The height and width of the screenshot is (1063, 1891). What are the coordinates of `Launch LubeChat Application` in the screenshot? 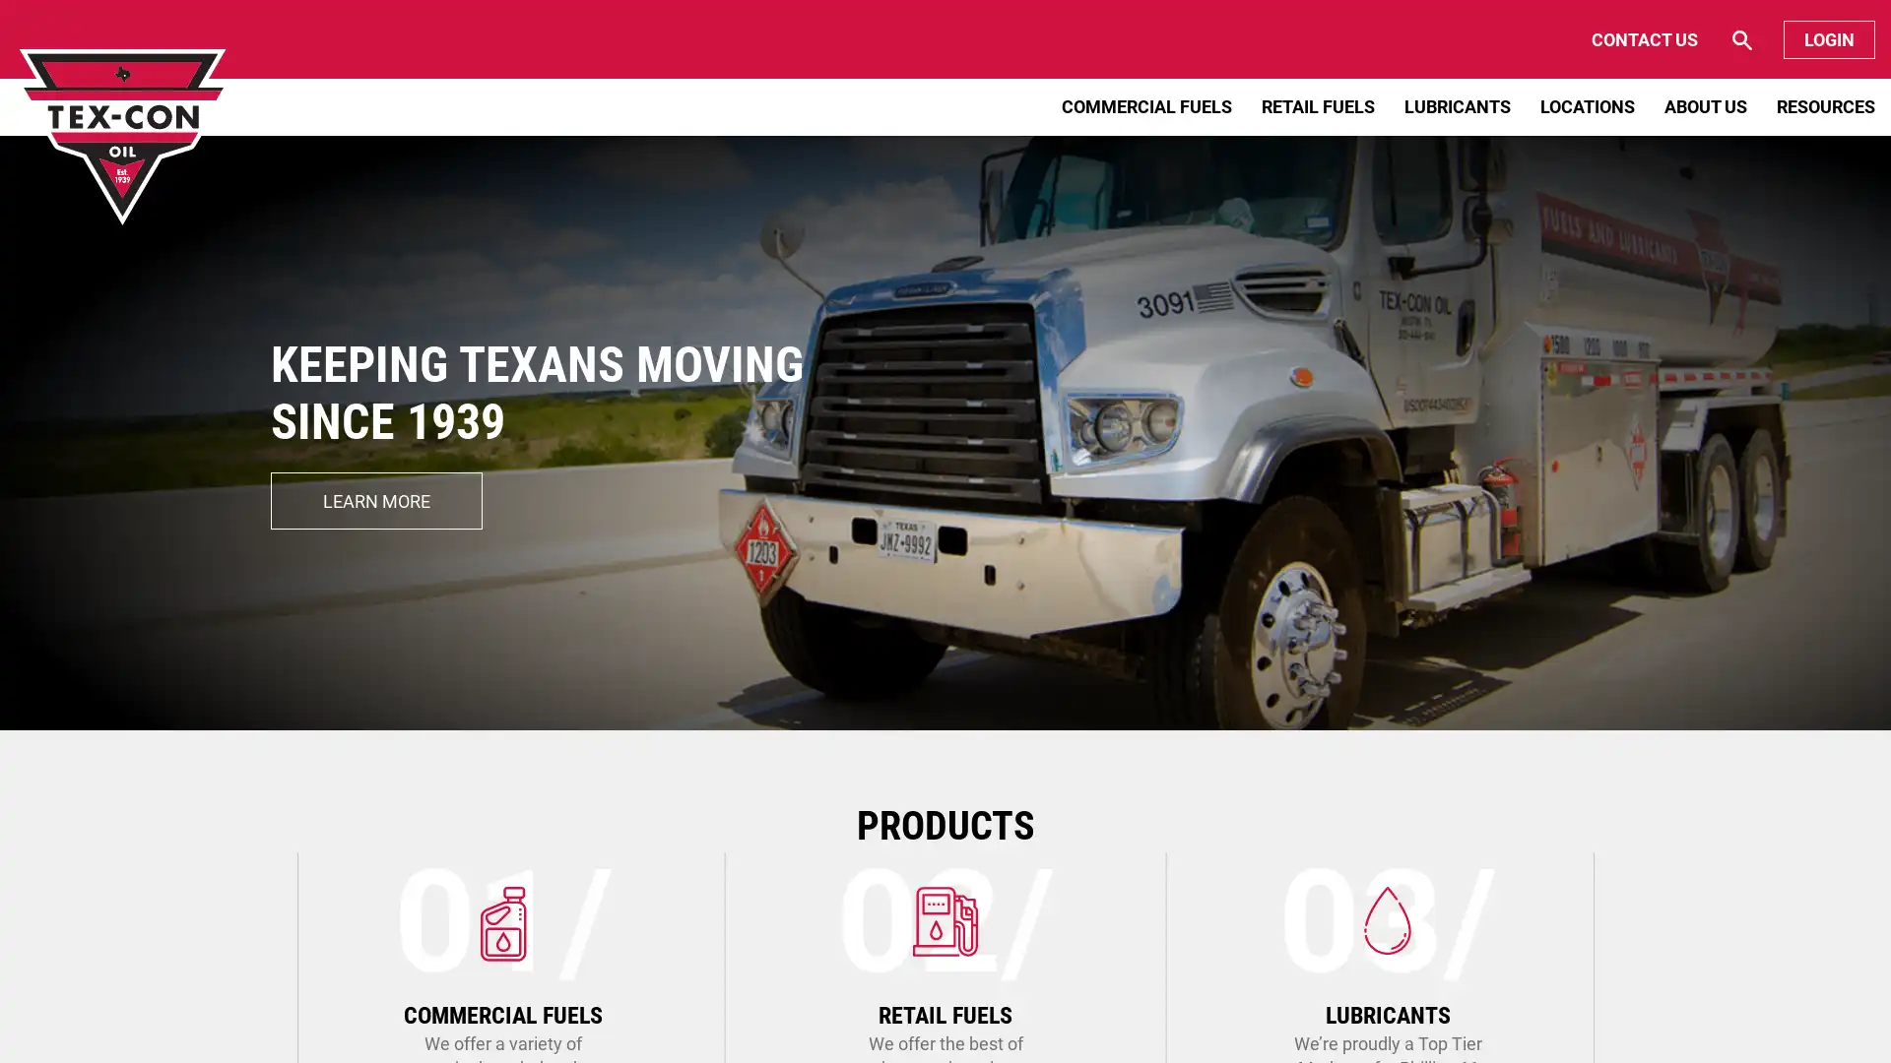 It's located at (1687, 1009).